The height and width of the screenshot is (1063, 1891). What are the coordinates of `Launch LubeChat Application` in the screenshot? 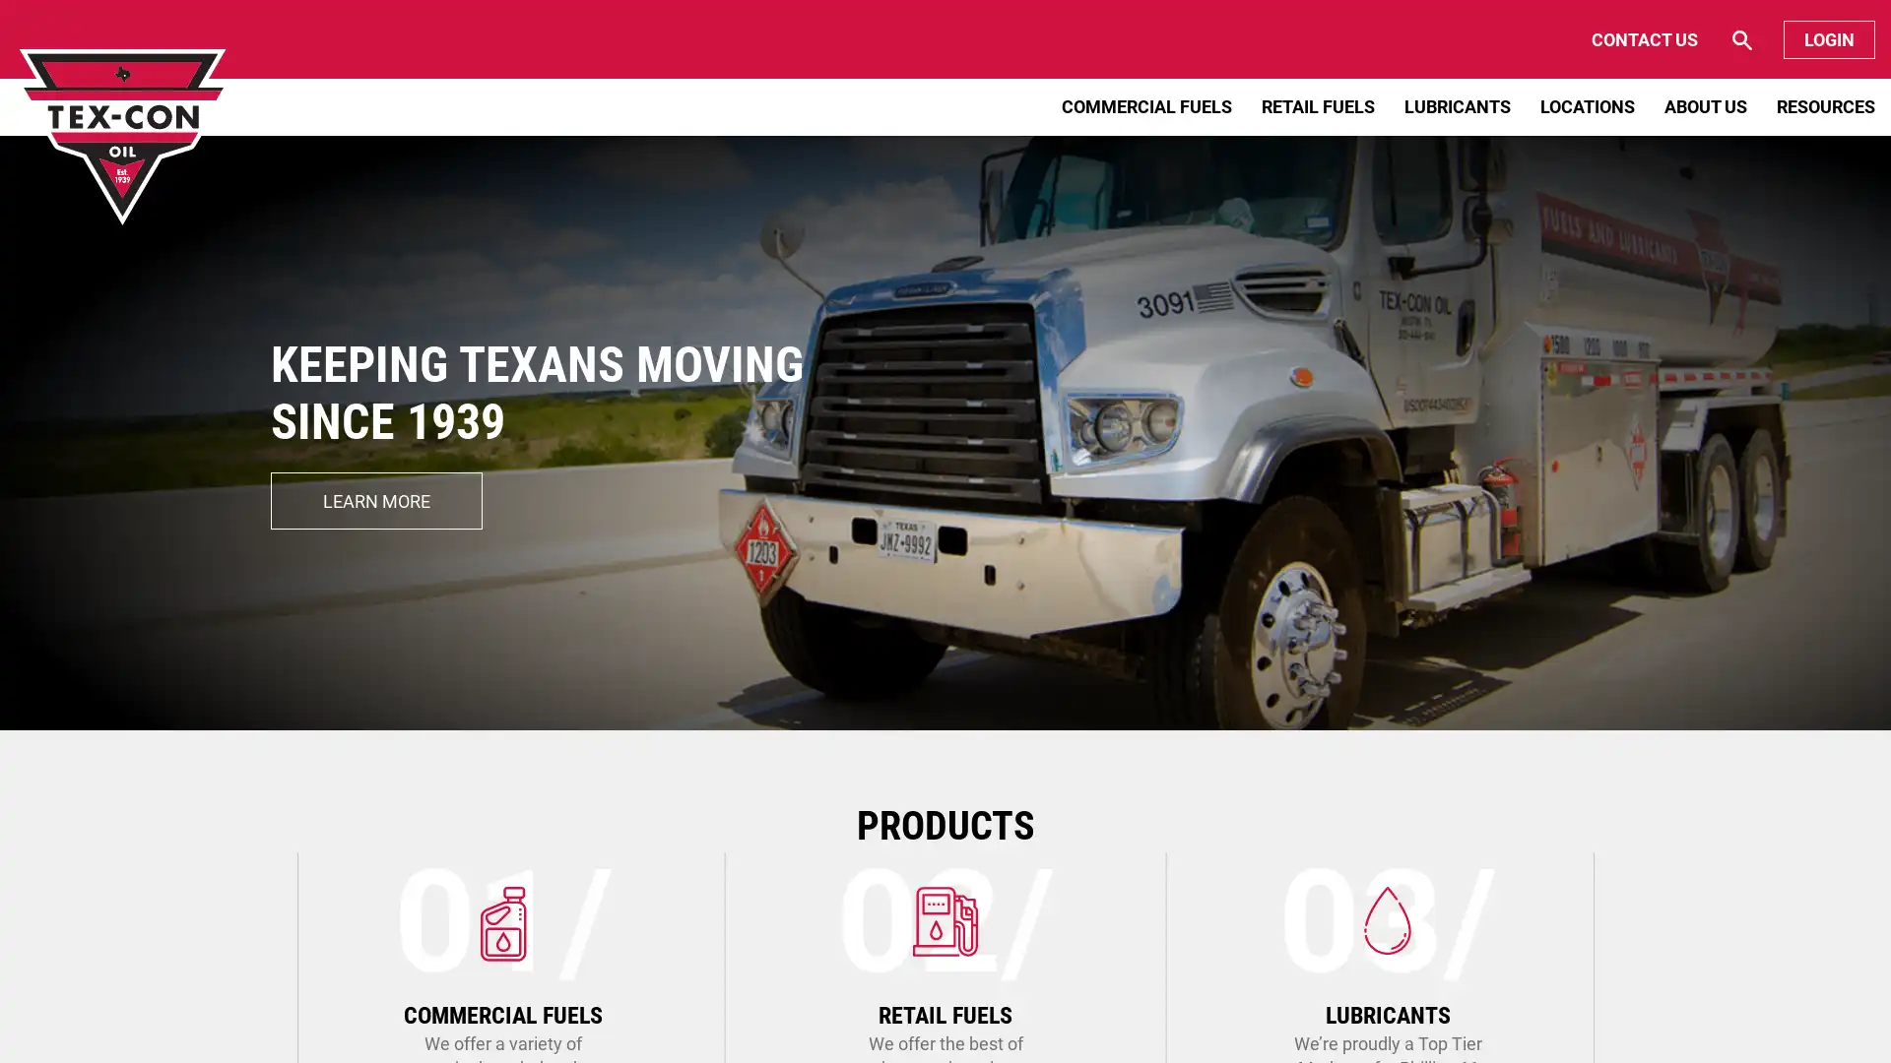 It's located at (1687, 1009).